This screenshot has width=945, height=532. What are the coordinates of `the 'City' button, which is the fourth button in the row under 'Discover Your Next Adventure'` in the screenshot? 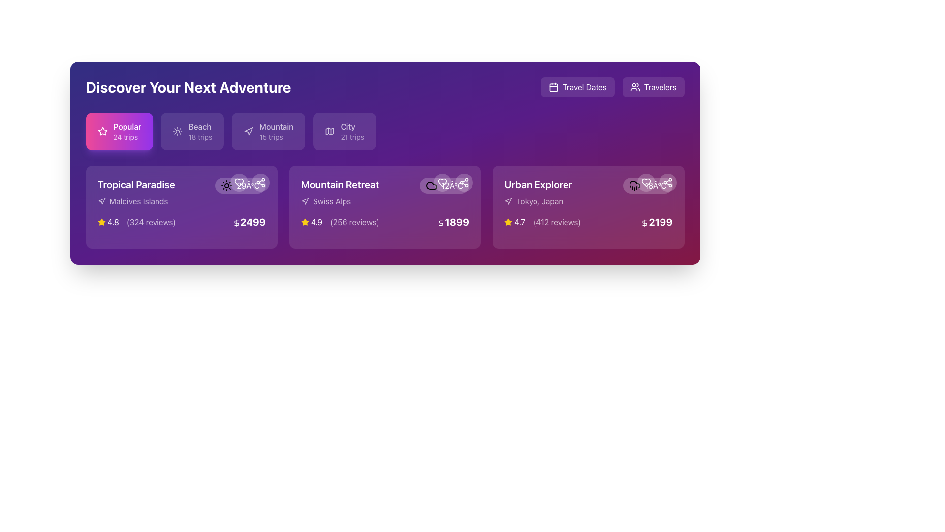 It's located at (345, 131).